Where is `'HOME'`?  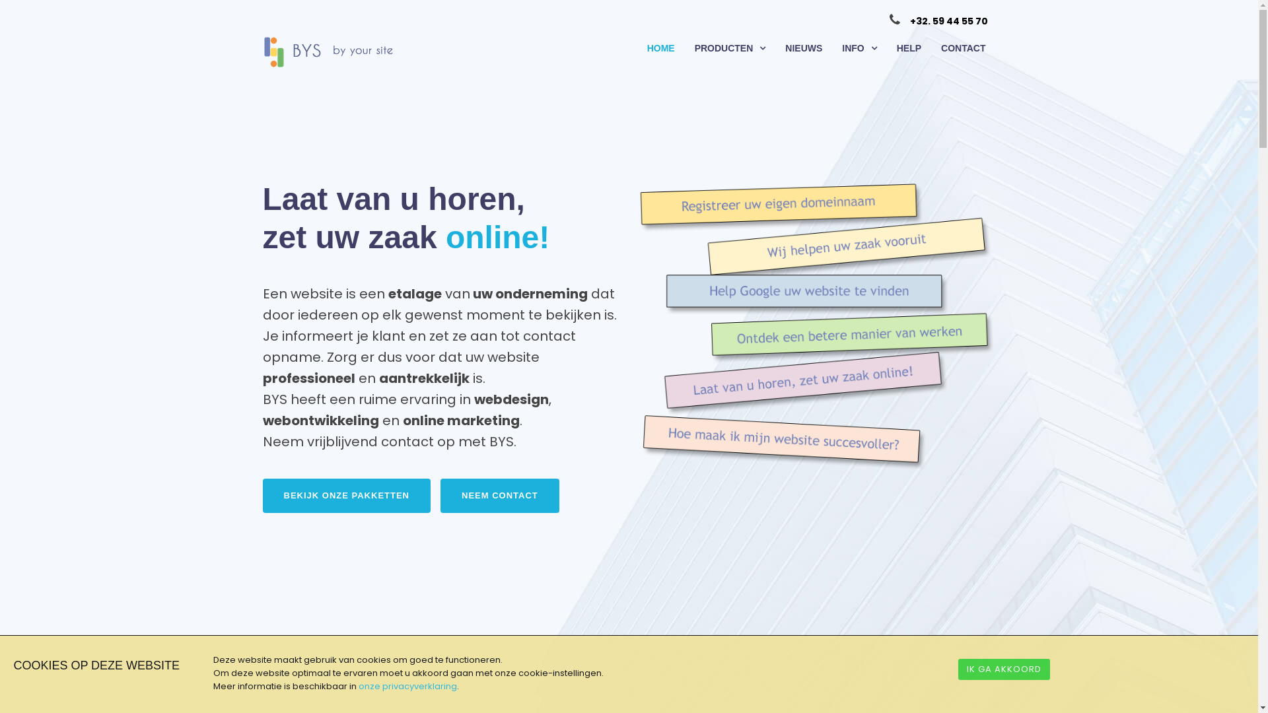 'HOME' is located at coordinates (661, 48).